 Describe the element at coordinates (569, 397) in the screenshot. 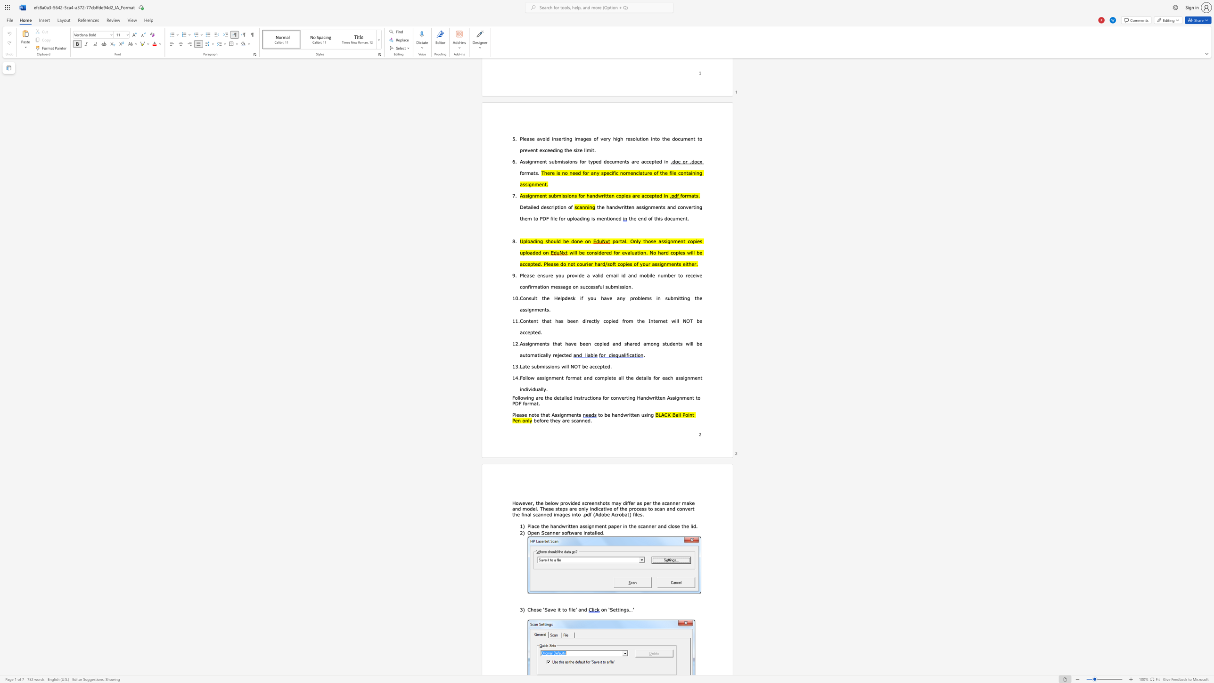

I see `the subset text "d i" within the text "detailed i"` at that location.